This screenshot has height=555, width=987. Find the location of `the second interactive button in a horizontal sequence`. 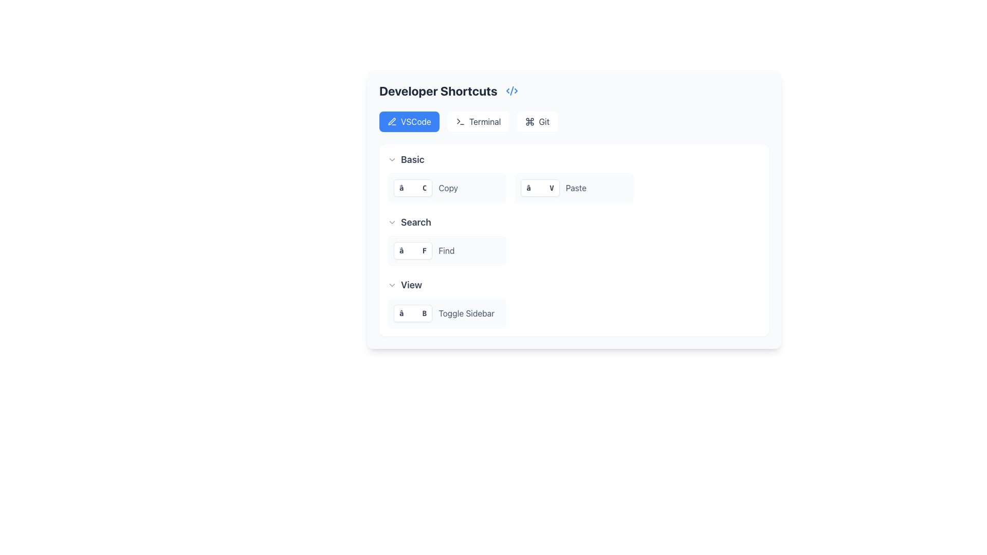

the second interactive button in a horizontal sequence is located at coordinates (478, 121).